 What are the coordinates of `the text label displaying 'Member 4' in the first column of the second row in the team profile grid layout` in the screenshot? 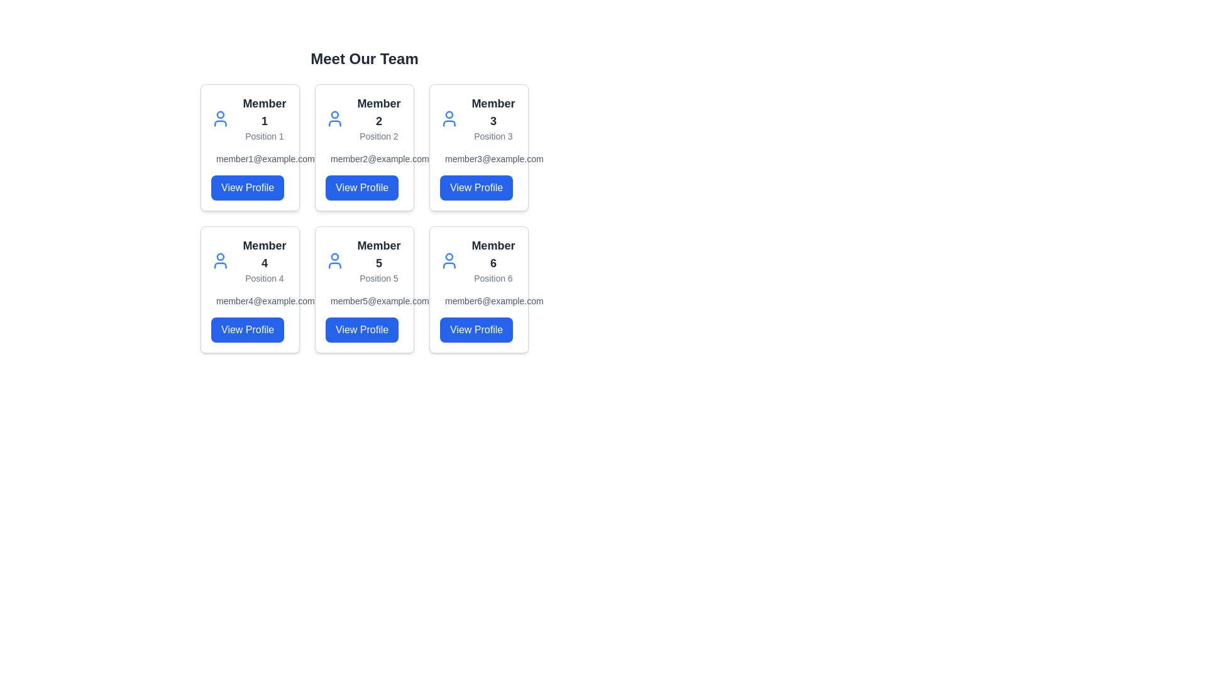 It's located at (263, 255).